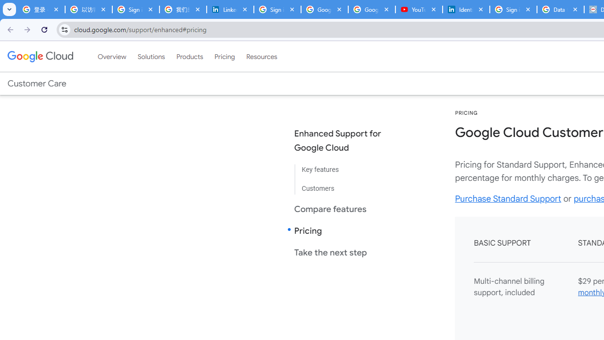 The height and width of the screenshot is (340, 604). What do you see at coordinates (466, 9) in the screenshot?
I see `'Identity verification via Persona | LinkedIn Help'` at bounding box center [466, 9].